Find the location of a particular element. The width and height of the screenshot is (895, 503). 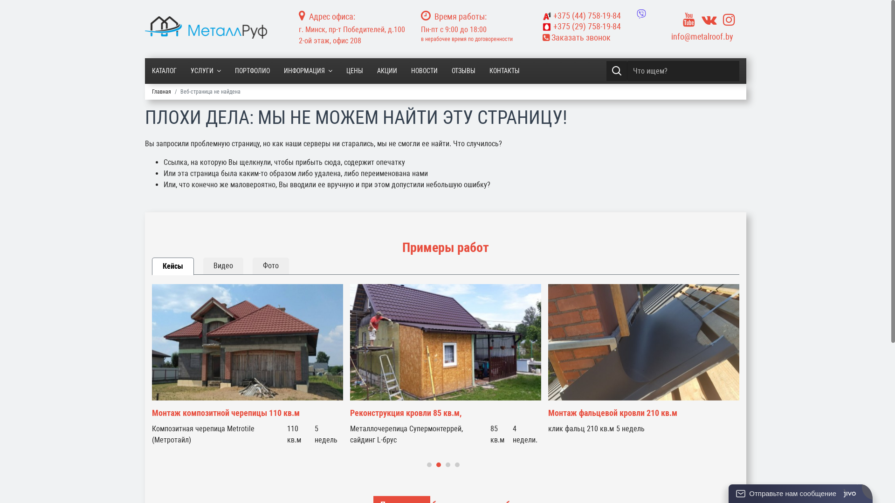

'+375 (44) 758-19-84' is located at coordinates (581, 15).